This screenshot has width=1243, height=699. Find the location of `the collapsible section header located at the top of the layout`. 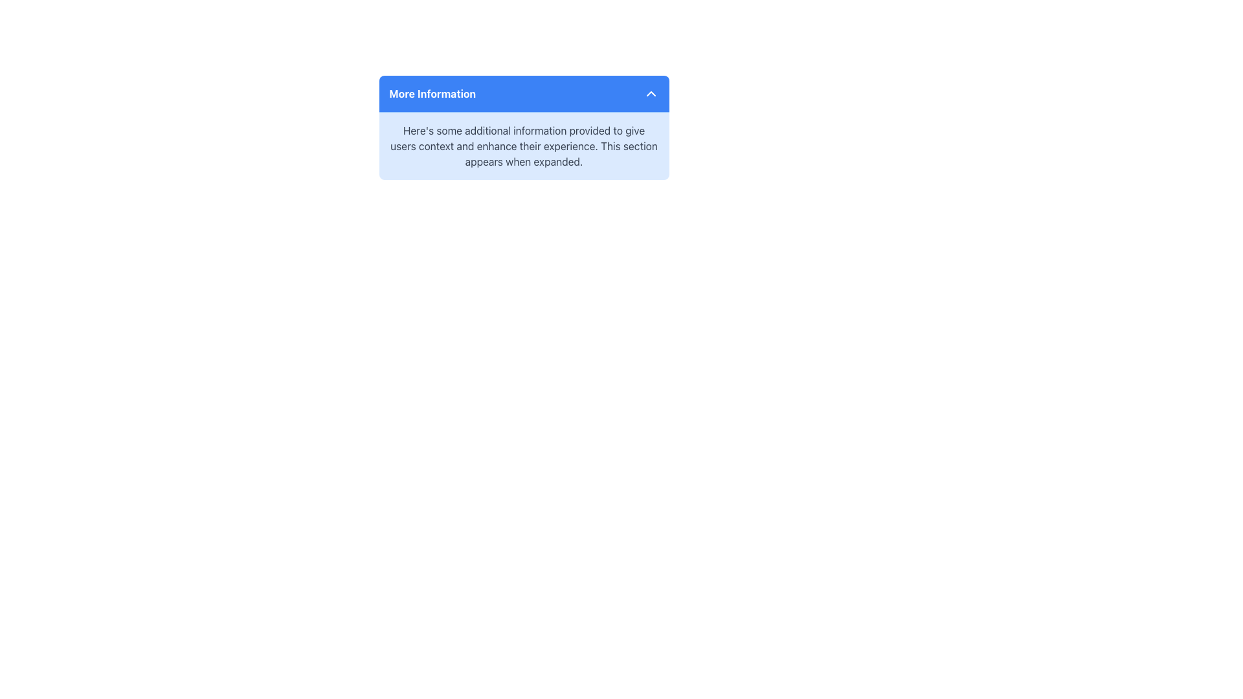

the collapsible section header located at the top of the layout is located at coordinates (524, 93).